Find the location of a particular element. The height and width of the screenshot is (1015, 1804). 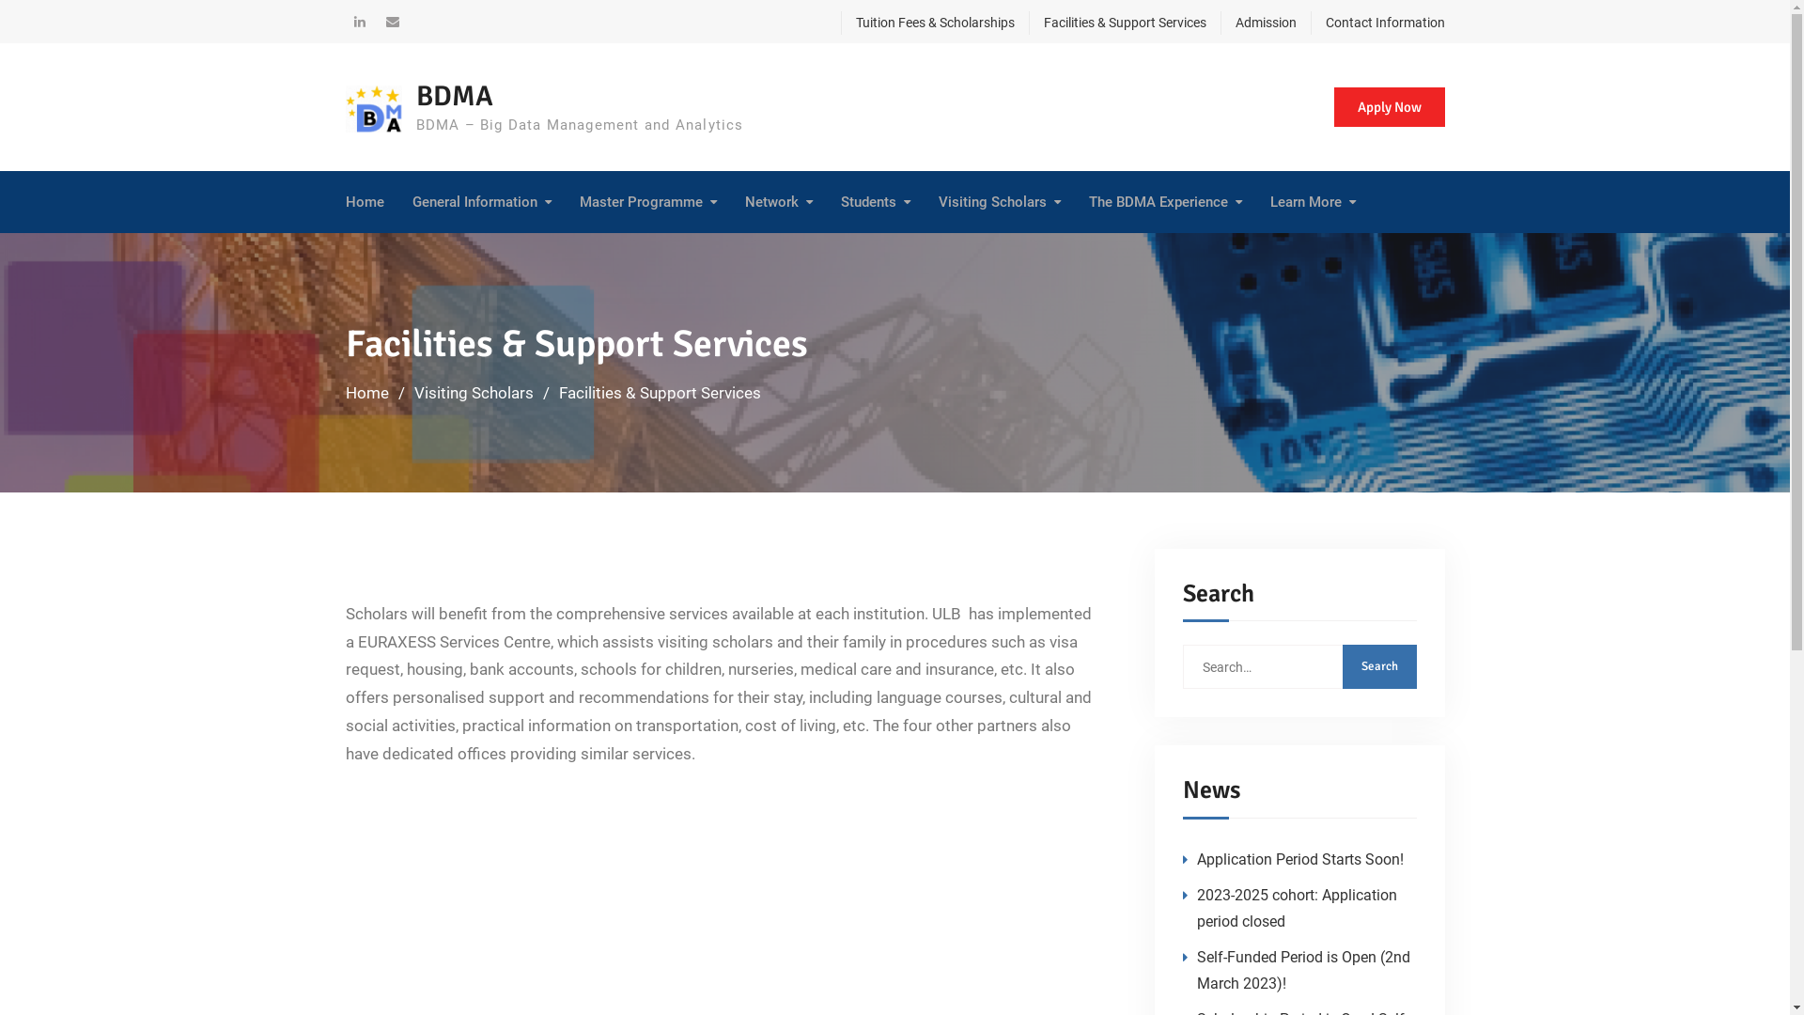

'BDMA' is located at coordinates (454, 96).